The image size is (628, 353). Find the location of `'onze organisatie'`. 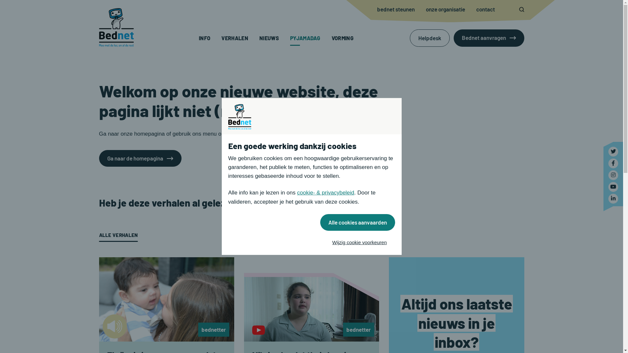

'onze organisatie' is located at coordinates (426, 9).